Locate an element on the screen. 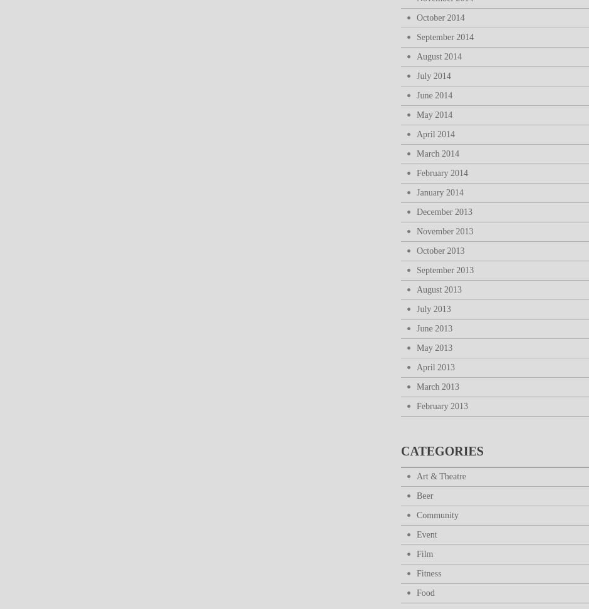 The height and width of the screenshot is (609, 589). 'June 2014' is located at coordinates (434, 95).